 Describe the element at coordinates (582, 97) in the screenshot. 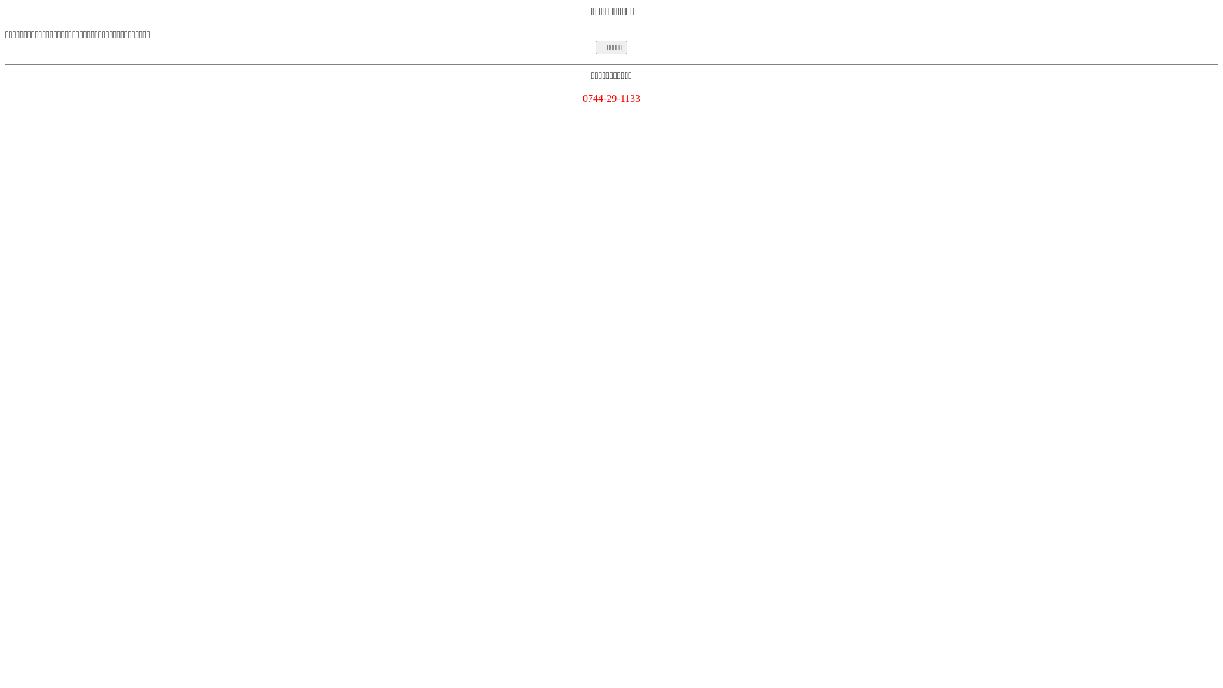

I see `'0744-29-1133'` at that location.